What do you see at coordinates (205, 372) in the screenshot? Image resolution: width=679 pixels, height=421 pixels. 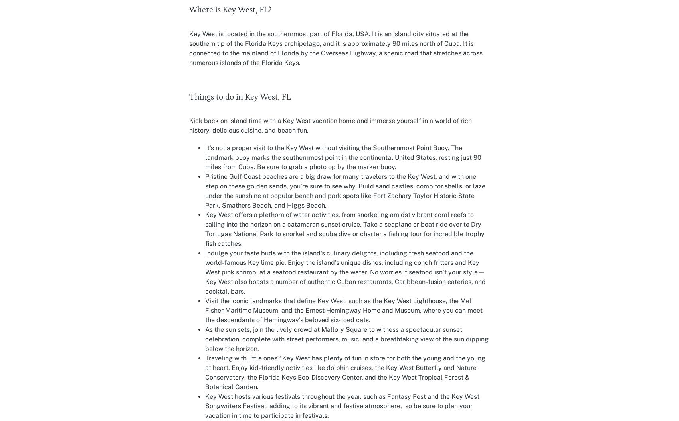 I see `'Traveling with little ones? Key West has plenty of fun in store for both the young and the young at heart. Enjoy kid-friendly activities like dolphin cruises, the Key West Butterfly and Nature Conservatory, the Florida Keys Eco-Discovery Center, and the Key West Tropical Forest & Botanical Garden.'` at bounding box center [205, 372].